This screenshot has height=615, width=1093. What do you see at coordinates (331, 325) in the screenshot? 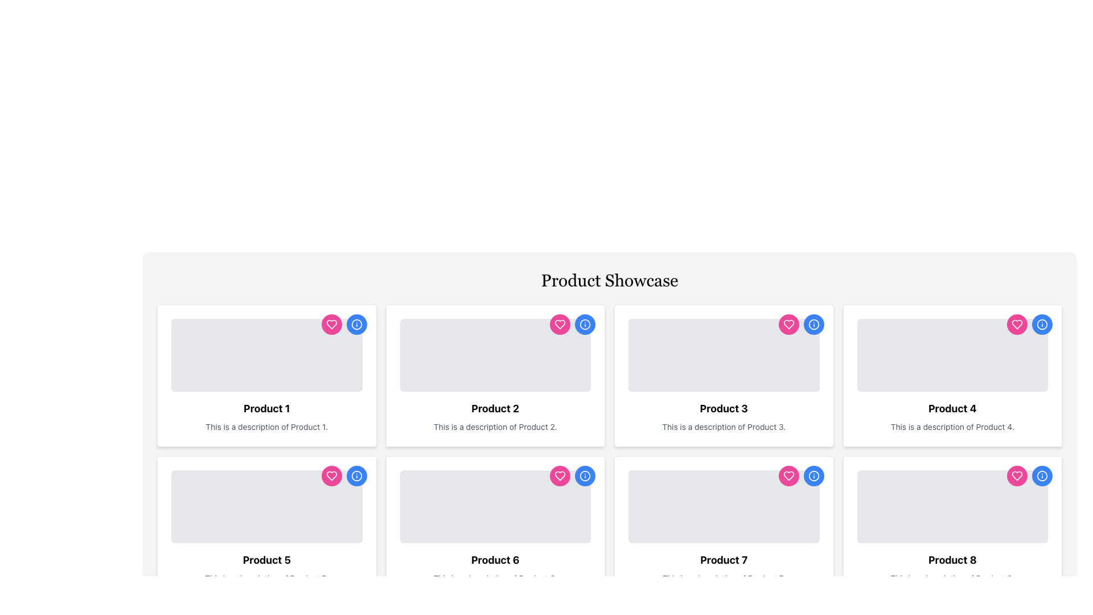
I see `the 'favorite' or 'like' icon located in the top-right corner of the 'Product 2' card` at bounding box center [331, 325].